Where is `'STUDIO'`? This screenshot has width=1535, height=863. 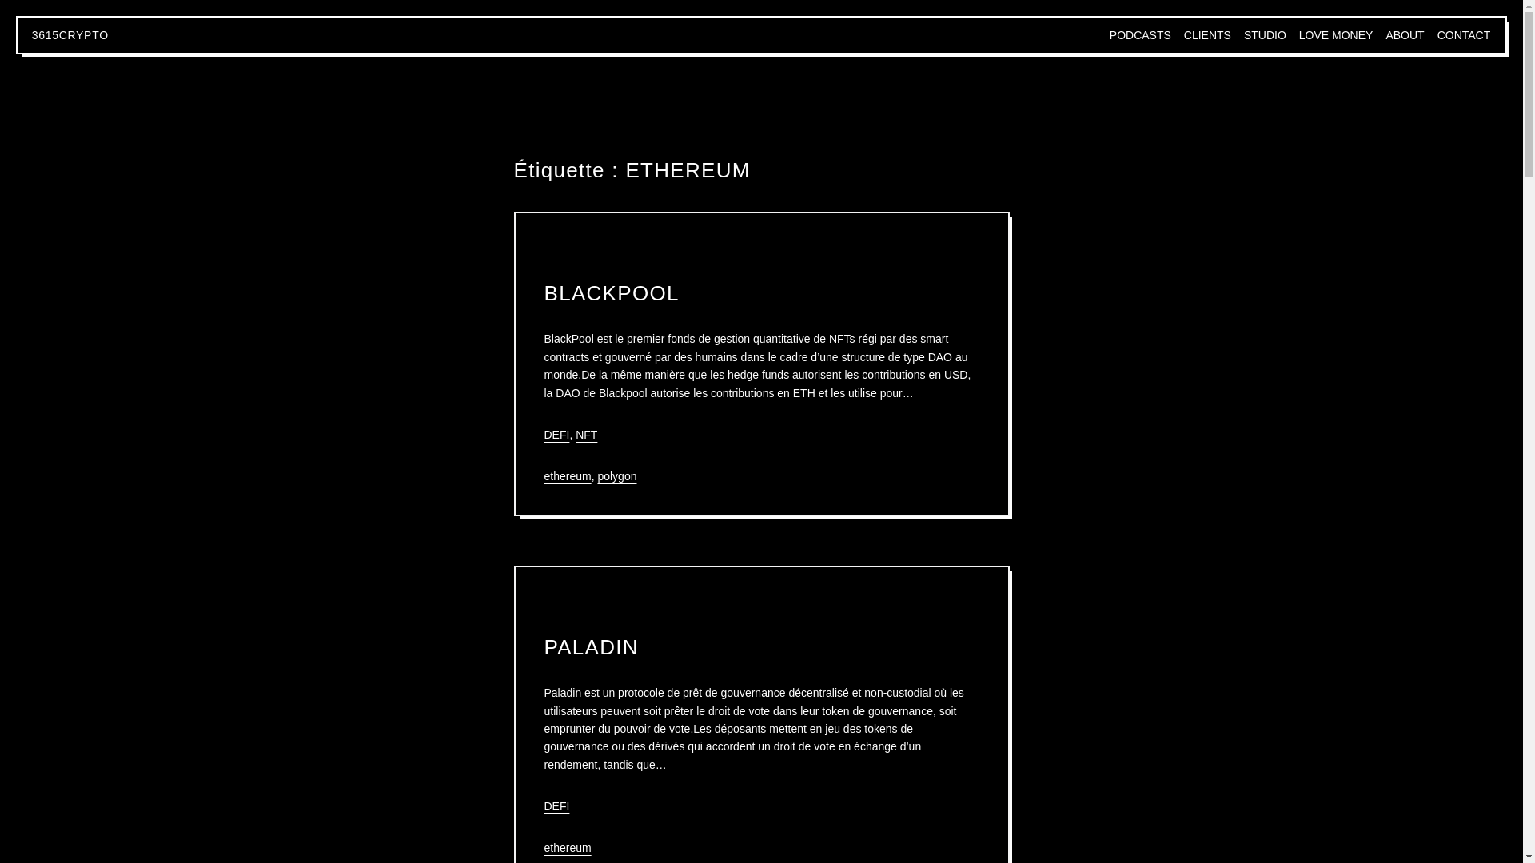 'STUDIO' is located at coordinates (1264, 34).